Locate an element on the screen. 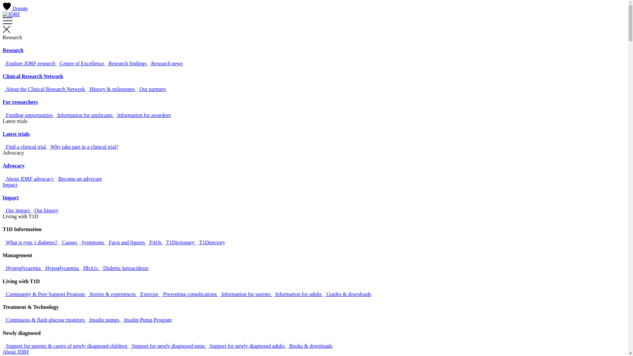 Image resolution: width=633 pixels, height=356 pixels. 'Information for applicants' is located at coordinates (83, 115).